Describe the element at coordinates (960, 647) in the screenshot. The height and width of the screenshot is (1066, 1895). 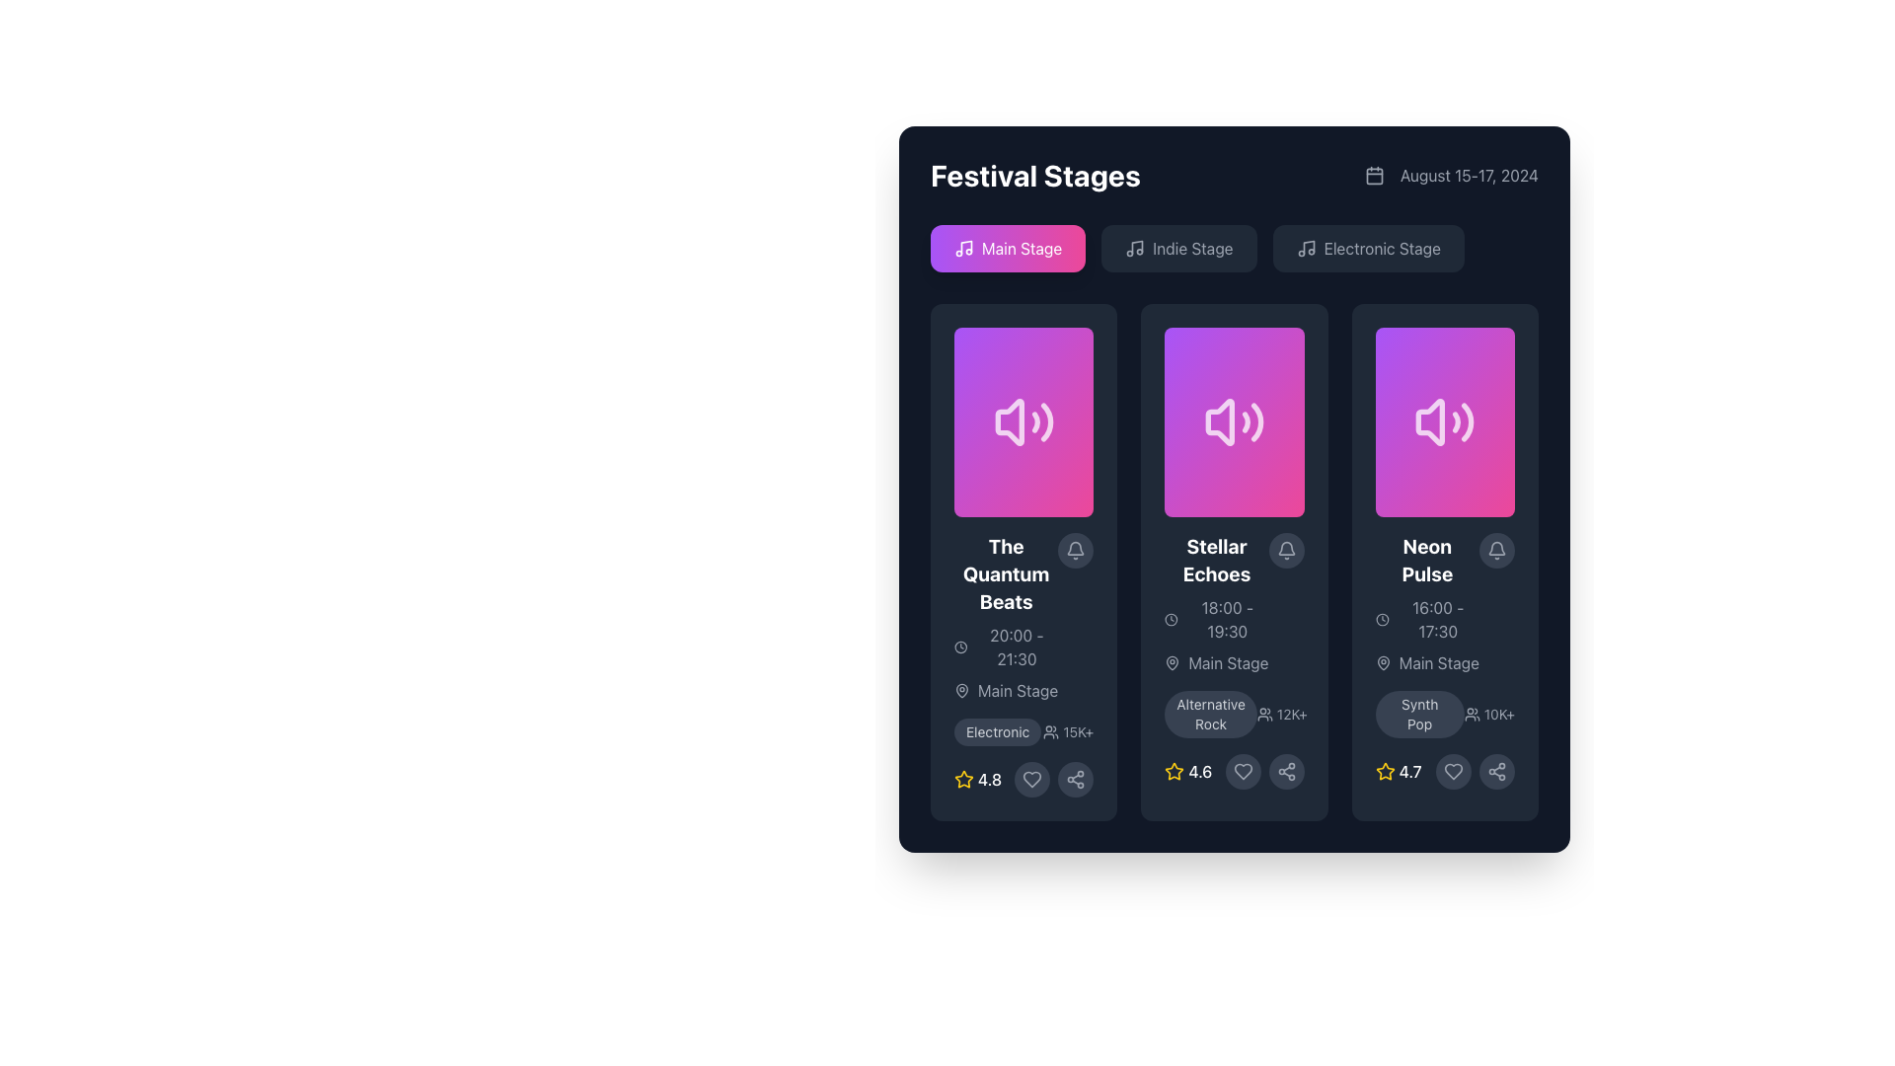
I see `the clock icon located in the top-left corner of the 'The Quantum Beats' card, adjacent to the '20:00 - 21:30' text field` at that location.